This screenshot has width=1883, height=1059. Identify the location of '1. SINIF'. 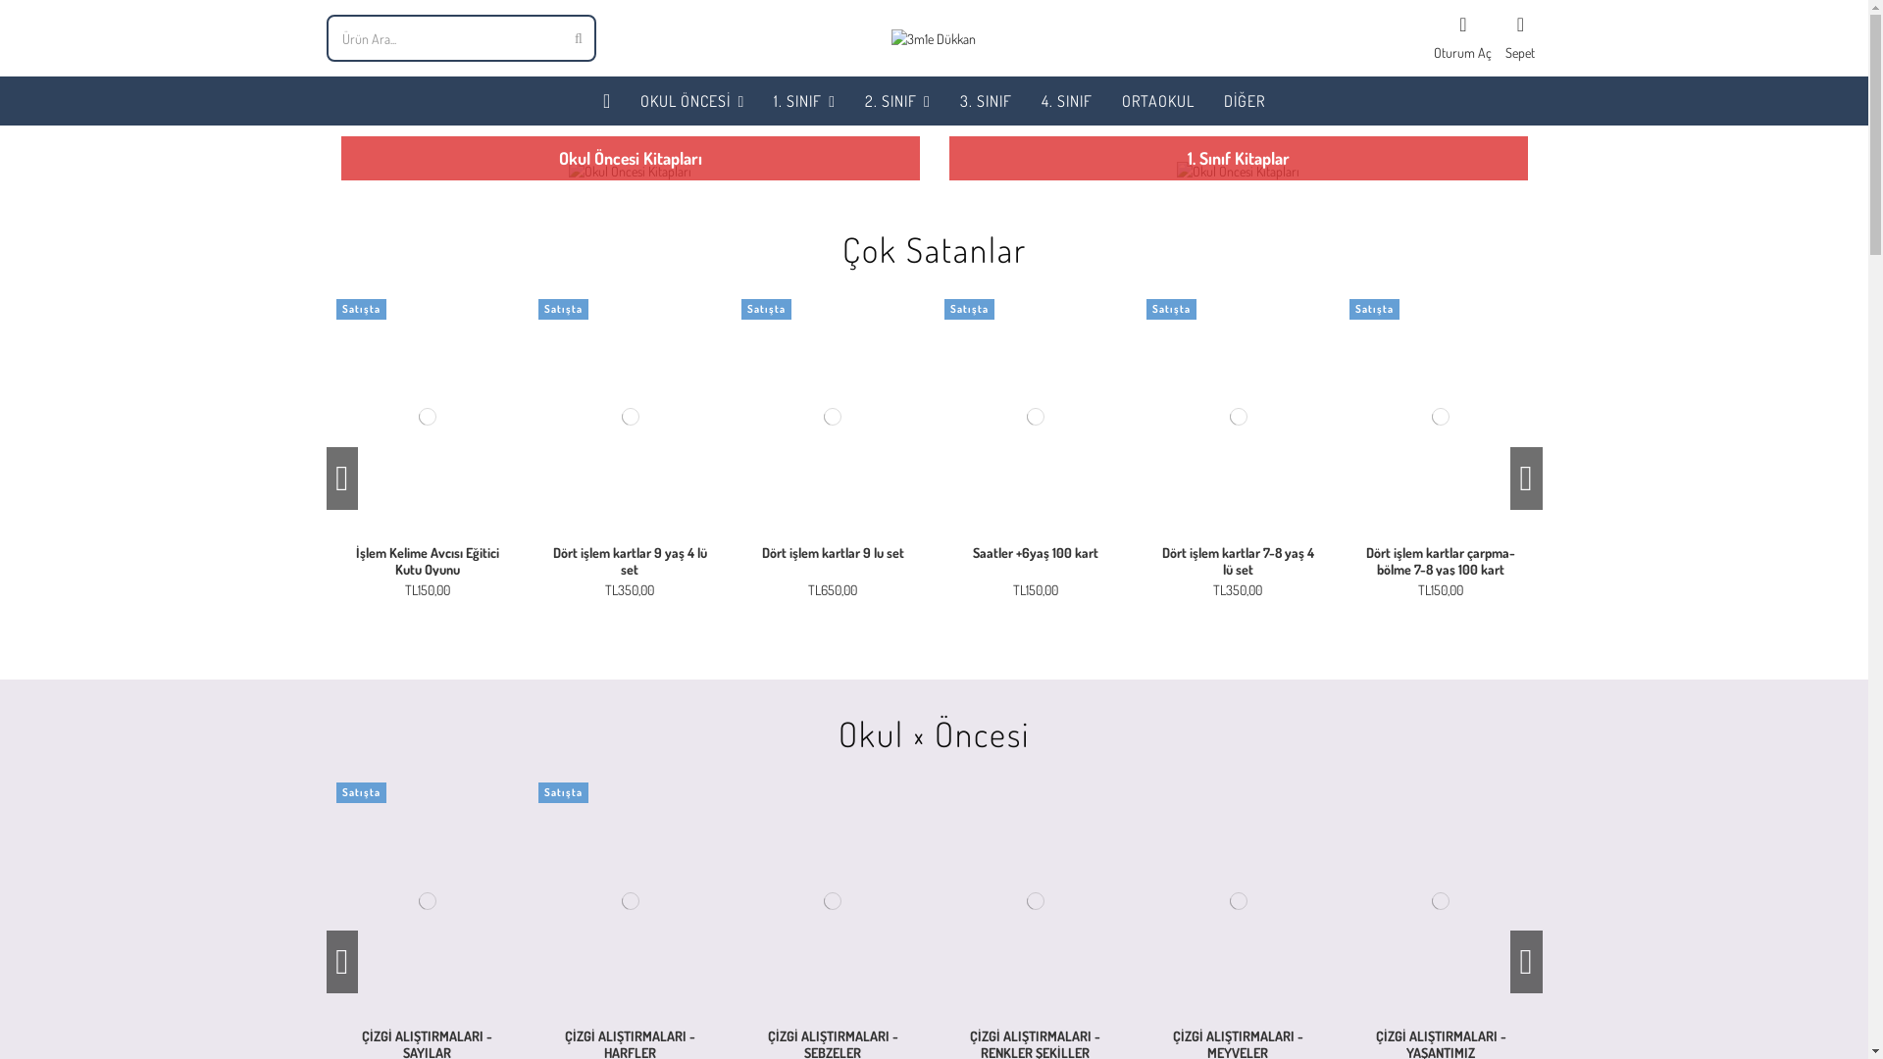
(804, 101).